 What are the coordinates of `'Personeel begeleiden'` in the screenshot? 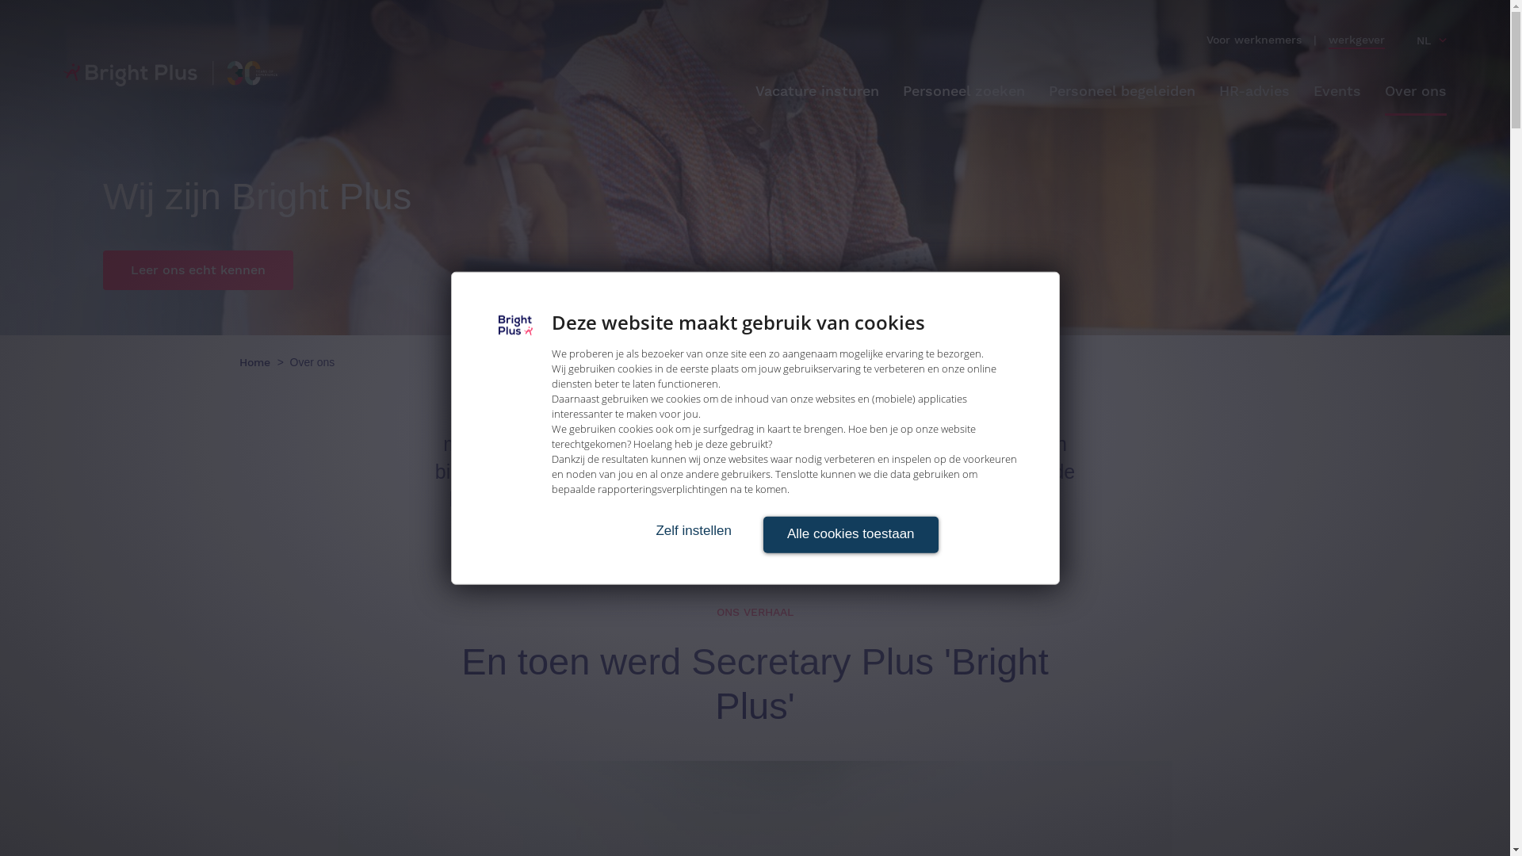 It's located at (1121, 91).